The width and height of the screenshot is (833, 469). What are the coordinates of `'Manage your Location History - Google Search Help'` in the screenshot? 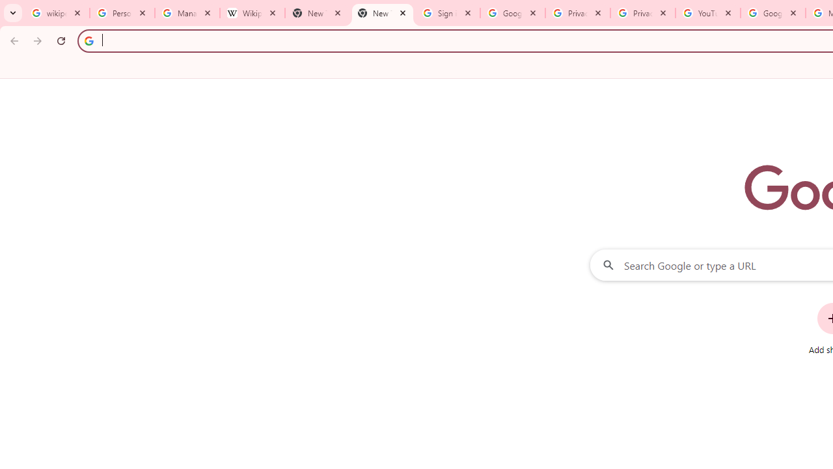 It's located at (187, 13).